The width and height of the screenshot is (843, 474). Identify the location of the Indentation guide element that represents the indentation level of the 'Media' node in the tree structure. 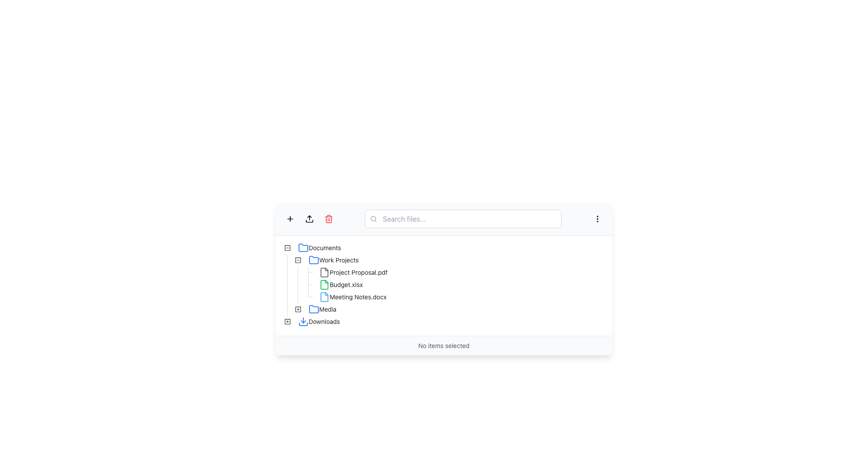
(287, 309).